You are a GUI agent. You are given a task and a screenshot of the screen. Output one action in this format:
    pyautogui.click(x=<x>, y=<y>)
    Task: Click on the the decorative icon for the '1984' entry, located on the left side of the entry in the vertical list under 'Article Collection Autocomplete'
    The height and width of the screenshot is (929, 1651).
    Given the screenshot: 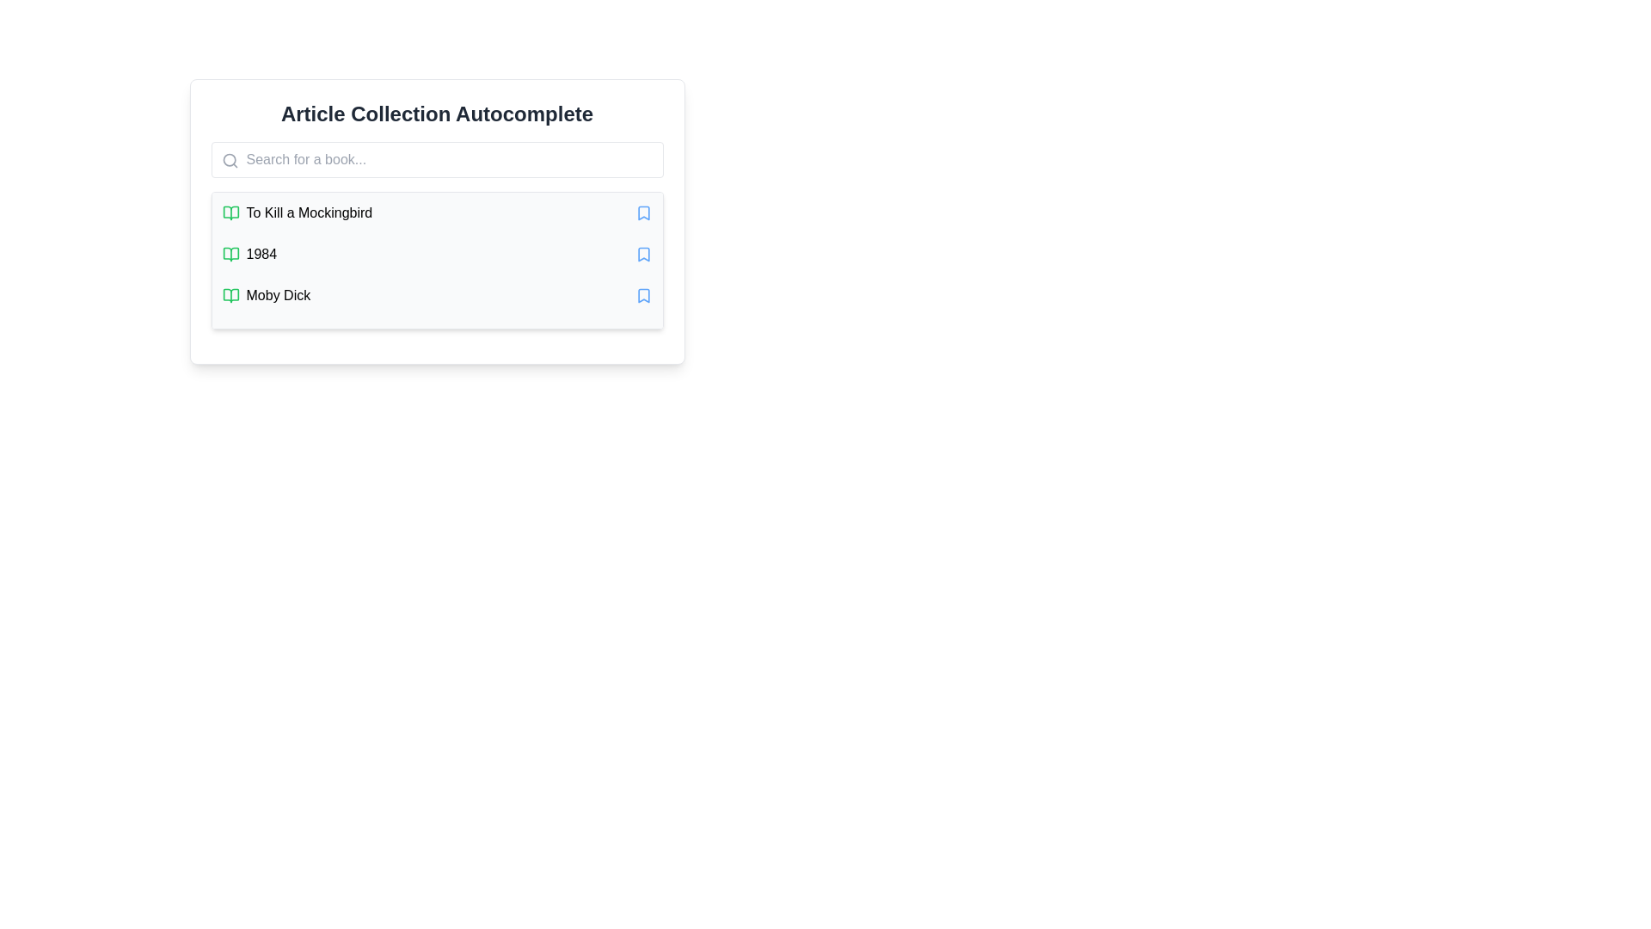 What is the action you would take?
    pyautogui.click(x=230, y=255)
    